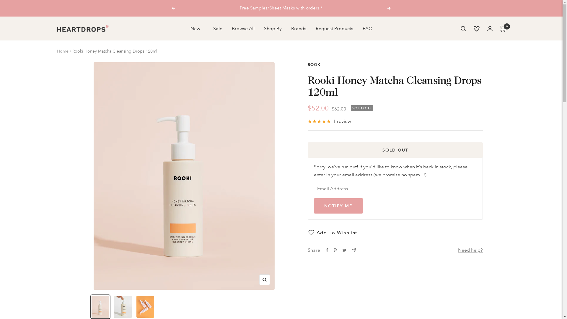 Image resolution: width=567 pixels, height=319 pixels. What do you see at coordinates (57, 28) in the screenshot?
I see `'Heartdrops'` at bounding box center [57, 28].